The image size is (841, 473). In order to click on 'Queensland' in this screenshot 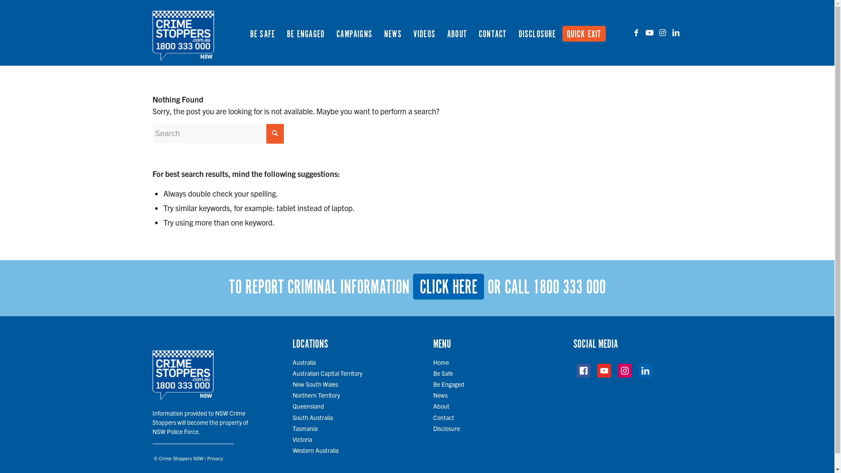, I will do `click(308, 406)`.